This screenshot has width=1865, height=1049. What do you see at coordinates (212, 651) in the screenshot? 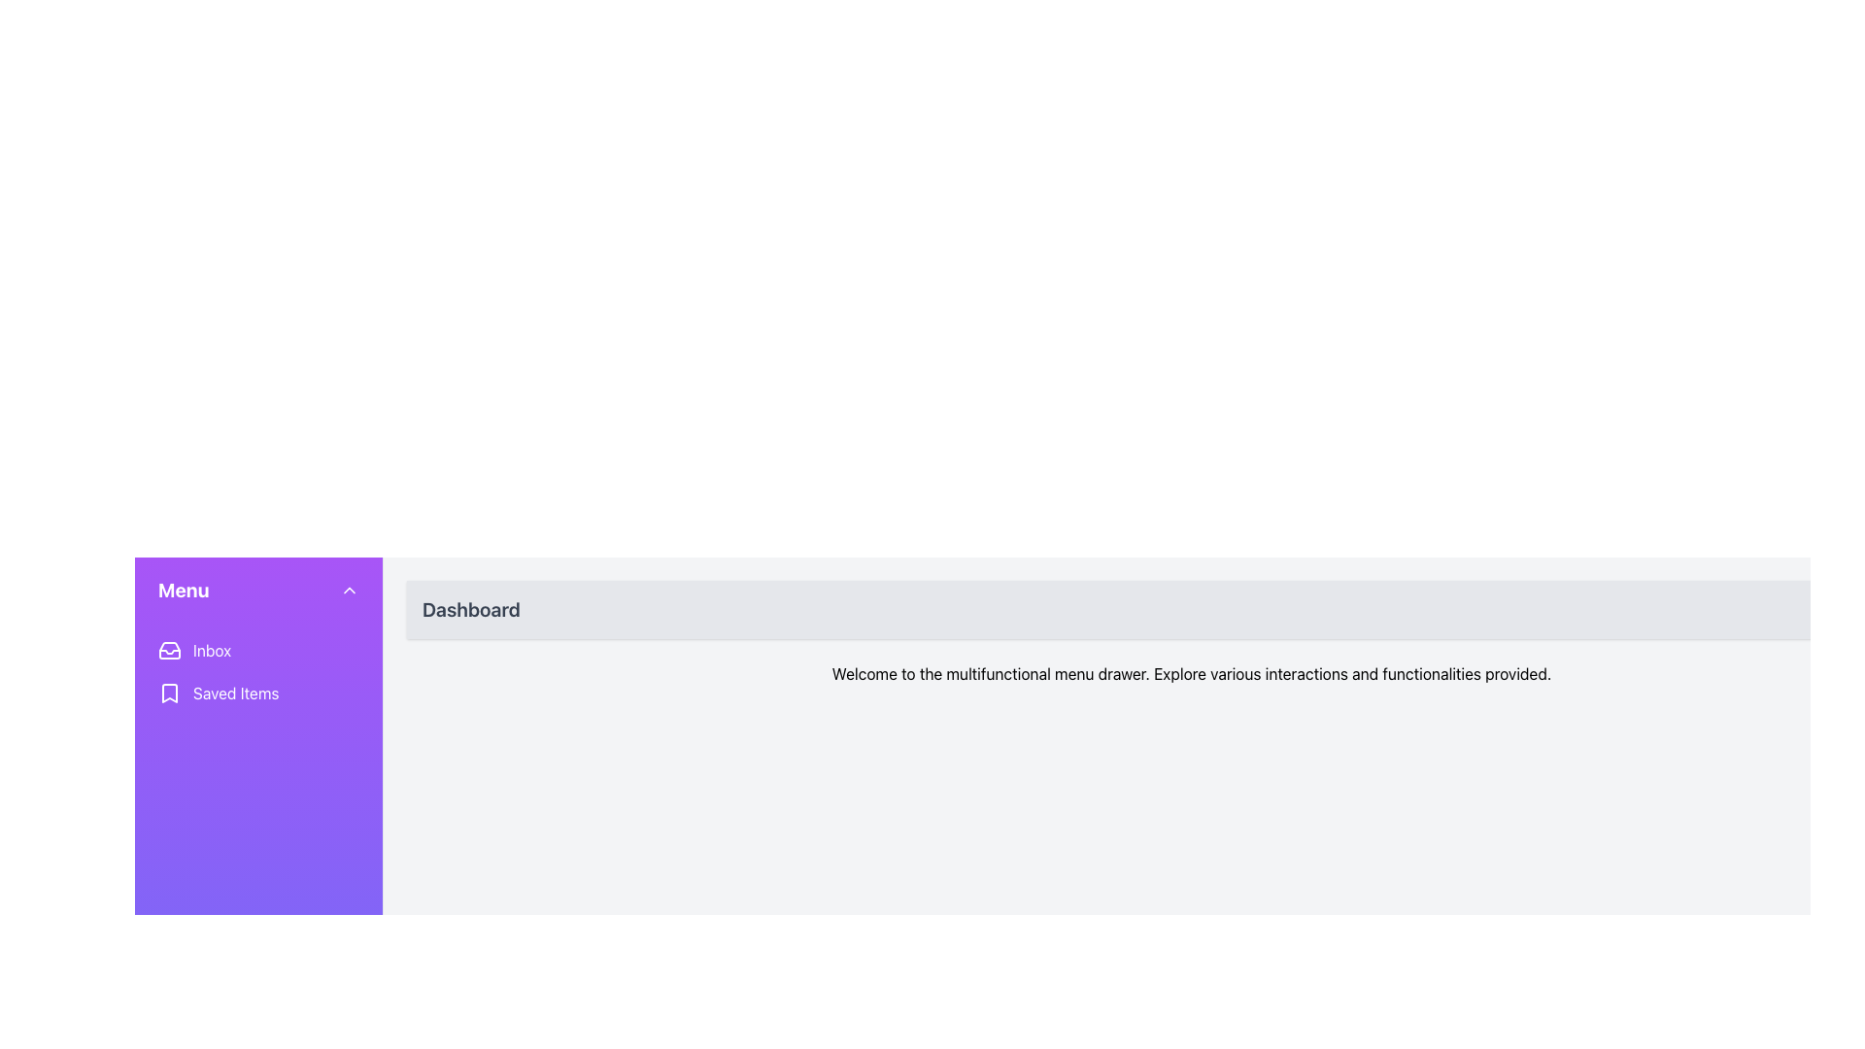
I see `the 'Inbox' text label located next to the inbox icon in the side navigation menu, which serves as a label for the inbox navigation option` at bounding box center [212, 651].